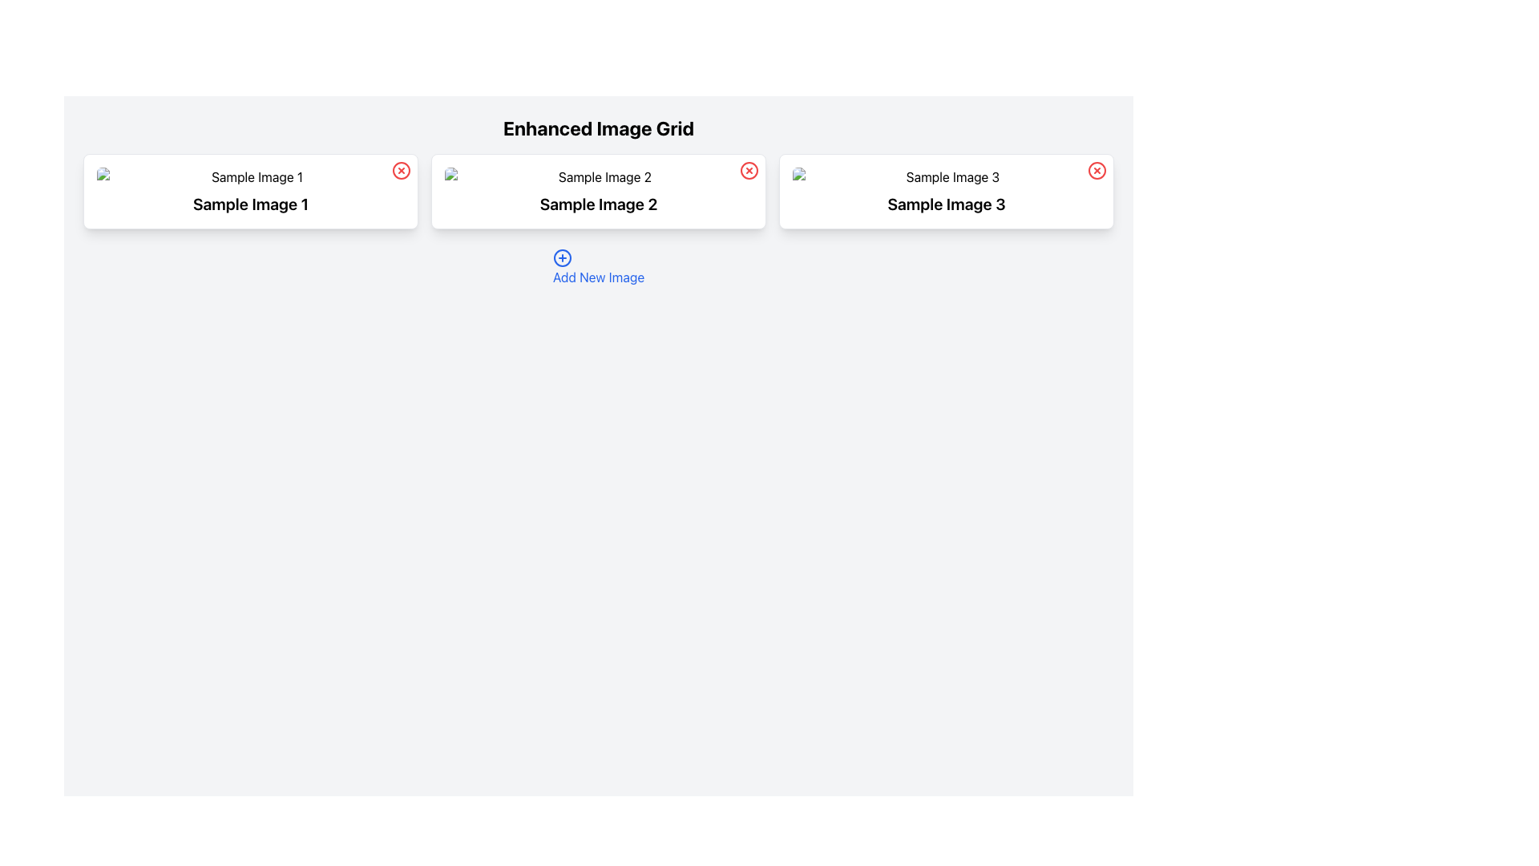 The height and width of the screenshot is (866, 1539). What do you see at coordinates (598, 176) in the screenshot?
I see `the 'Sample Image 2' image placeholder within the 'Enhanced Image Grid'` at bounding box center [598, 176].